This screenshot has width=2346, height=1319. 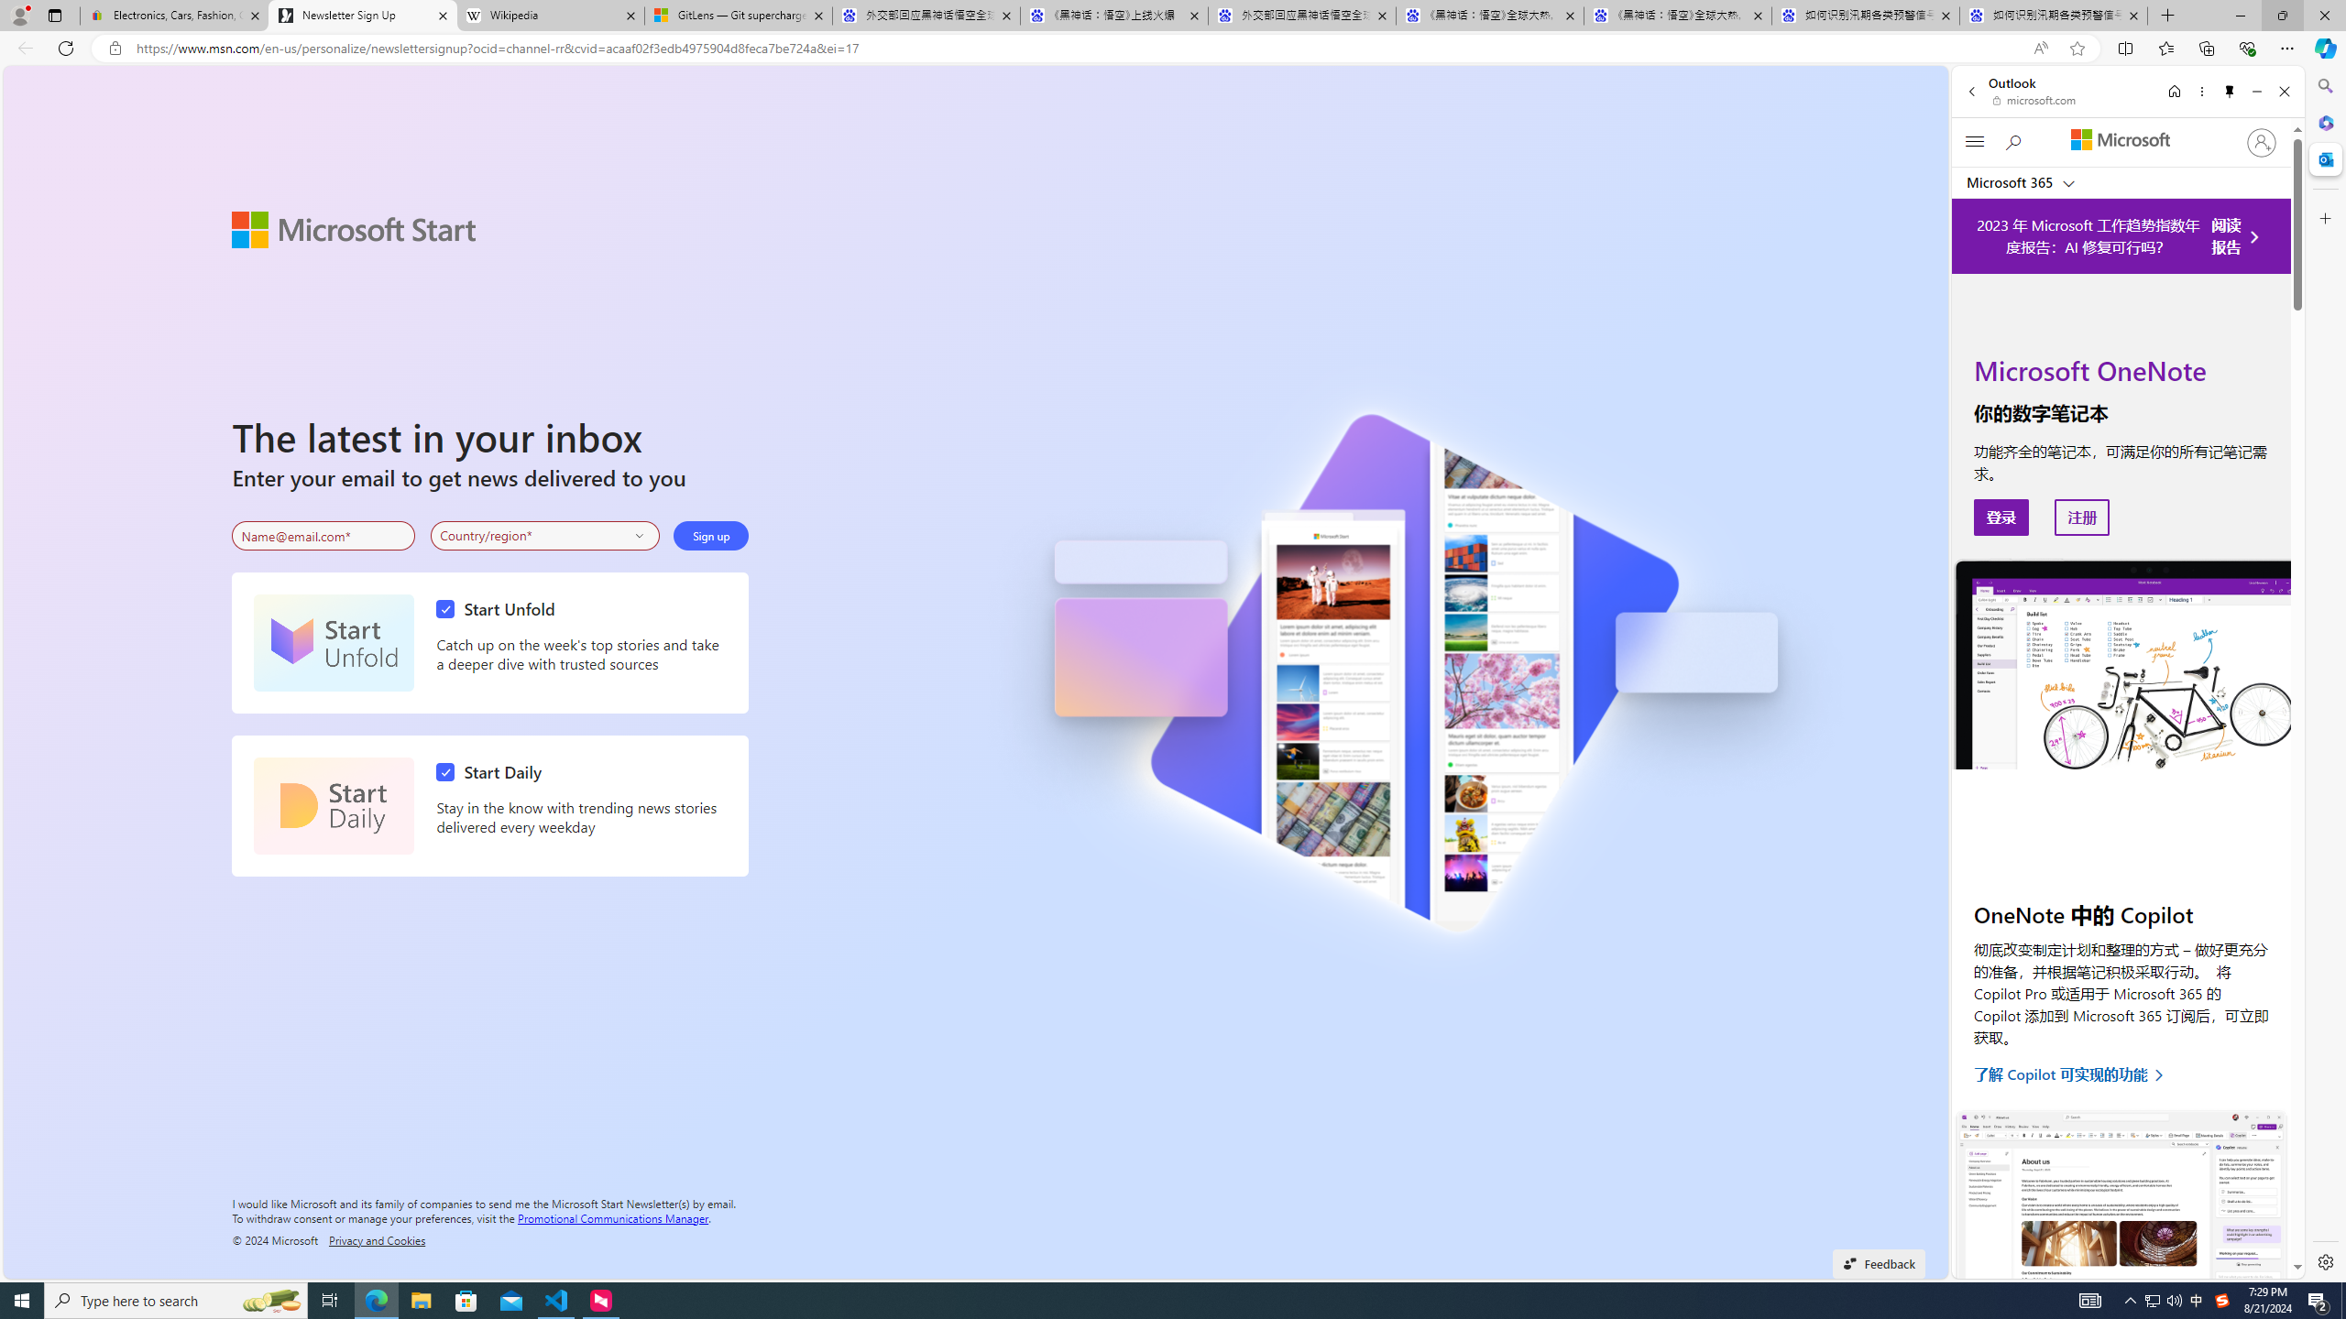 What do you see at coordinates (710, 536) in the screenshot?
I see `'Sign up'` at bounding box center [710, 536].